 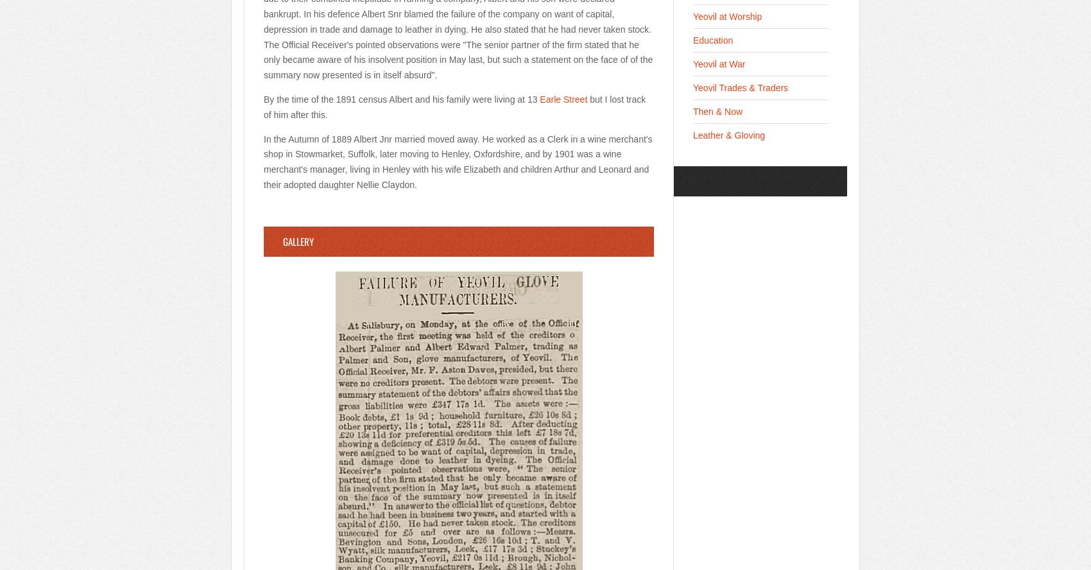 I want to click on 'GALLERY', so click(x=298, y=241).